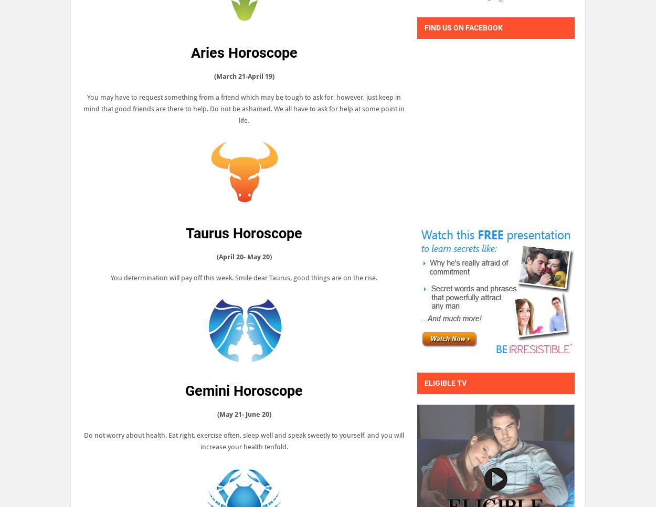 The width and height of the screenshot is (656, 507). I want to click on '(May 21- June 20)', so click(243, 414).